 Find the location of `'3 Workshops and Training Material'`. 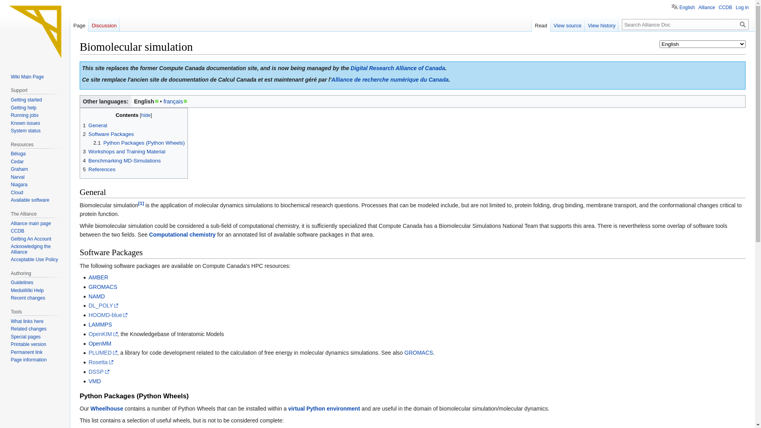

'3 Workshops and Training Material' is located at coordinates (123, 151).